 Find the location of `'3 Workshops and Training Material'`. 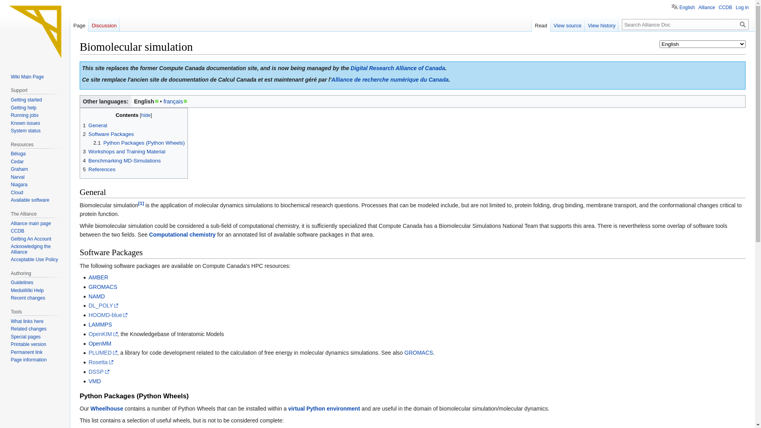

'3 Workshops and Training Material' is located at coordinates (123, 151).